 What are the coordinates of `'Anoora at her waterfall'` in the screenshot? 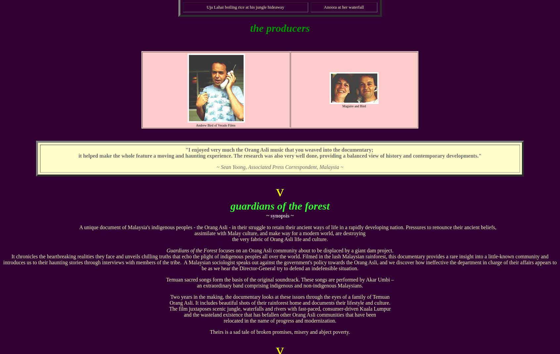 It's located at (343, 7).